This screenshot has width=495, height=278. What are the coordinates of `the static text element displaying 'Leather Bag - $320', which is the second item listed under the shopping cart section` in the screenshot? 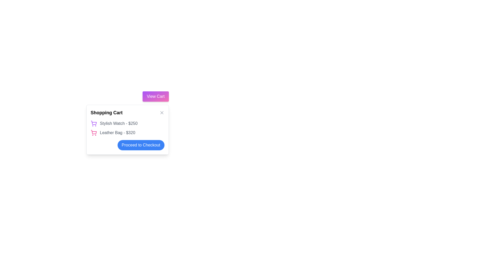 It's located at (117, 133).